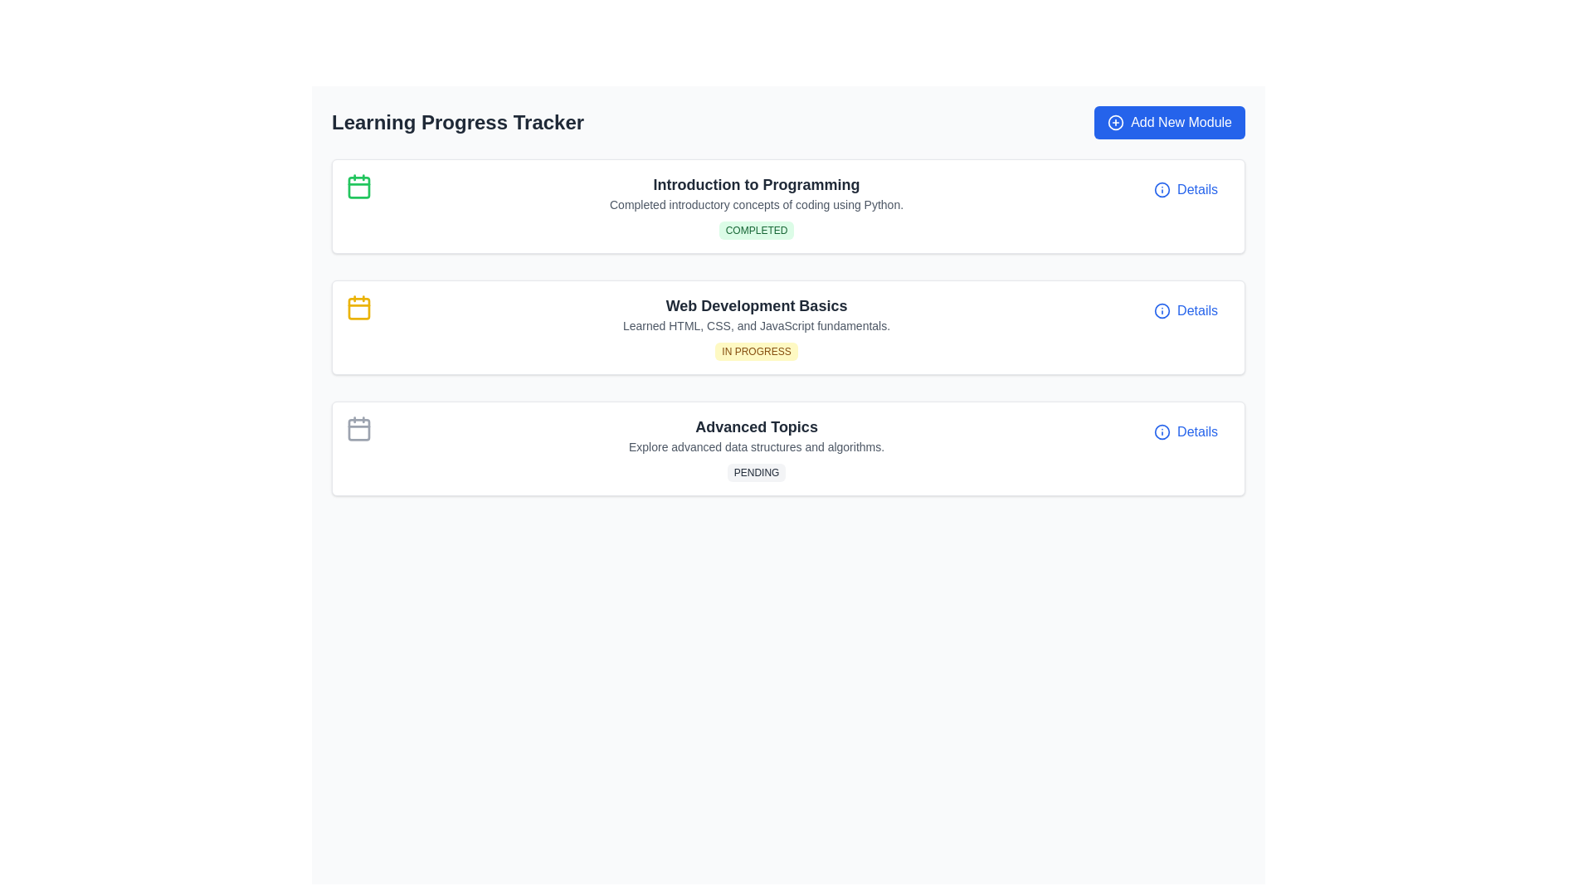 Image resolution: width=1593 pixels, height=896 pixels. I want to click on the interactive button located in the rightmost section of the 'Web Development Basics' card within the 'Learning Progress Tracker' interface, so click(1185, 310).